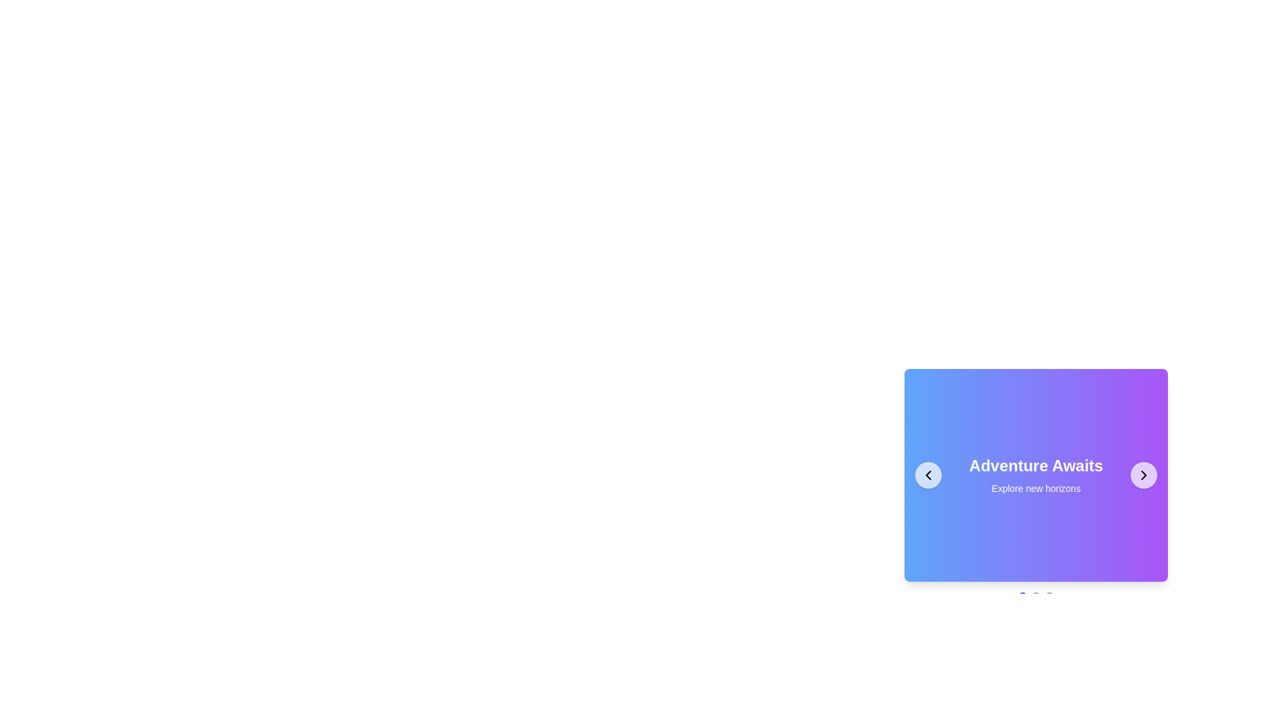  What do you see at coordinates (1036, 465) in the screenshot?
I see `the bold, large-sized text label displaying 'Adventure Awaits' in white color, which is prominently set against a gradient blue to purple background` at bounding box center [1036, 465].